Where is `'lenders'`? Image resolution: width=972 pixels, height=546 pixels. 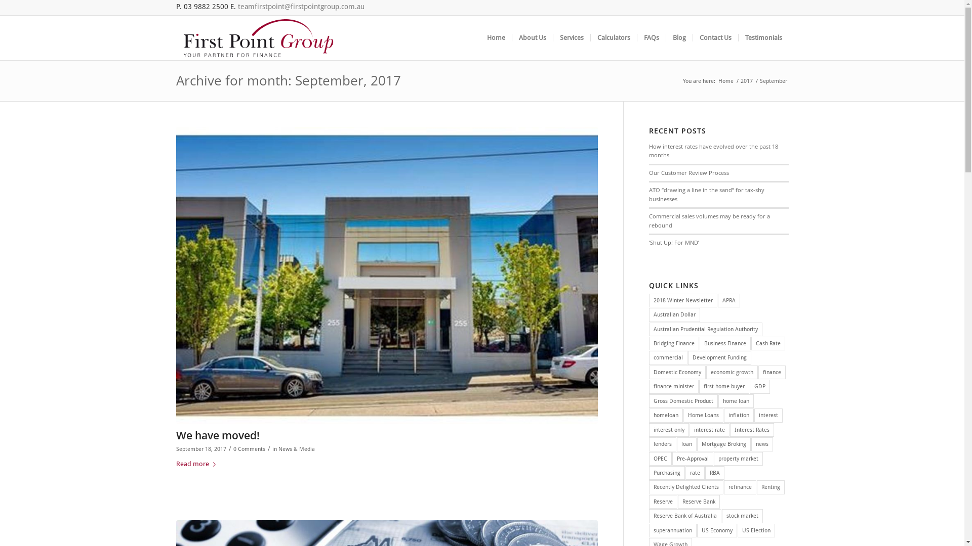 'lenders' is located at coordinates (663, 443).